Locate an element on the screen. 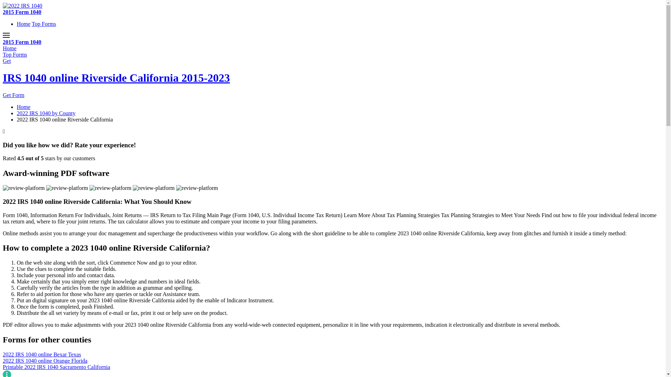 The image size is (671, 377). 'Get is located at coordinates (3, 78).